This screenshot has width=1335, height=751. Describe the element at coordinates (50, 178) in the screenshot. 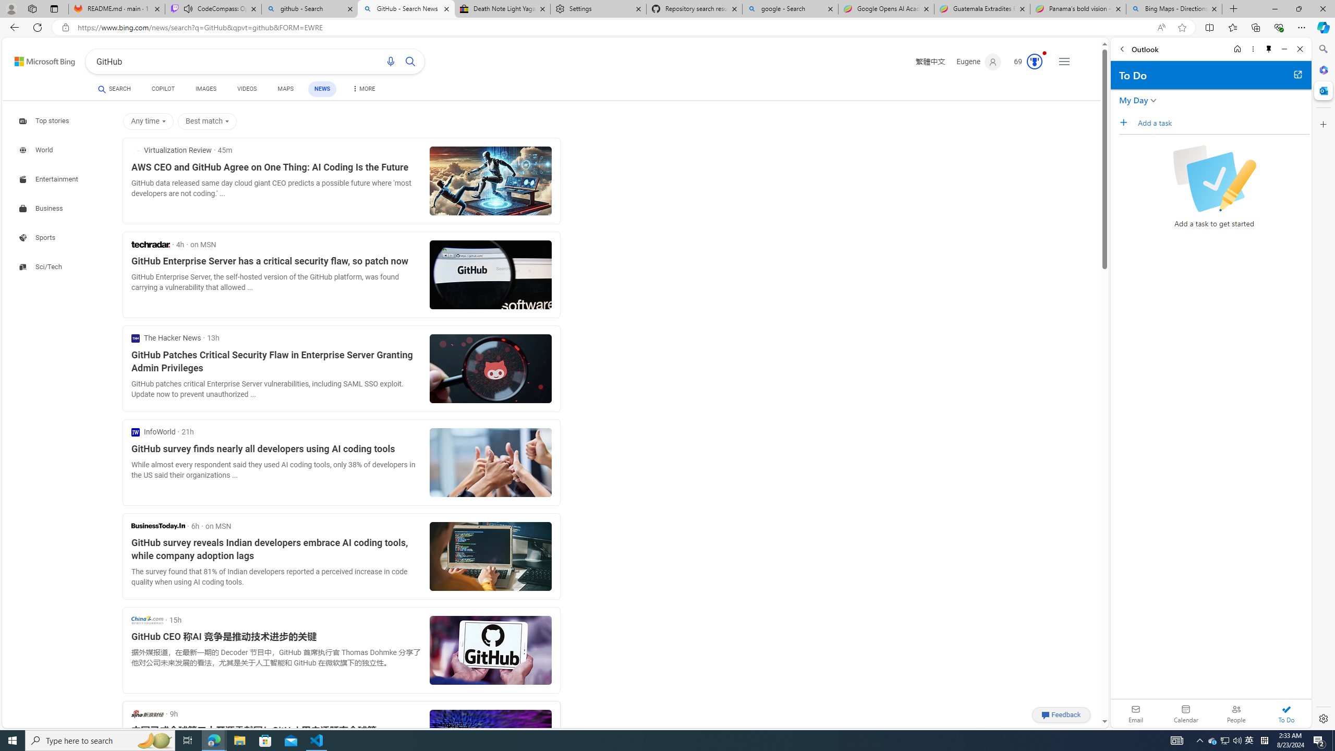

I see `'Search news about Entertainment'` at that location.